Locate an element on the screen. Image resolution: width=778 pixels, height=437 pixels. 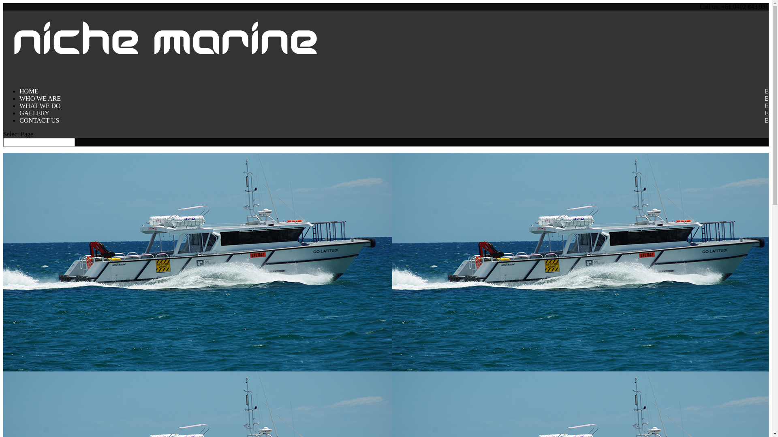
'Search for:' is located at coordinates (38, 142).